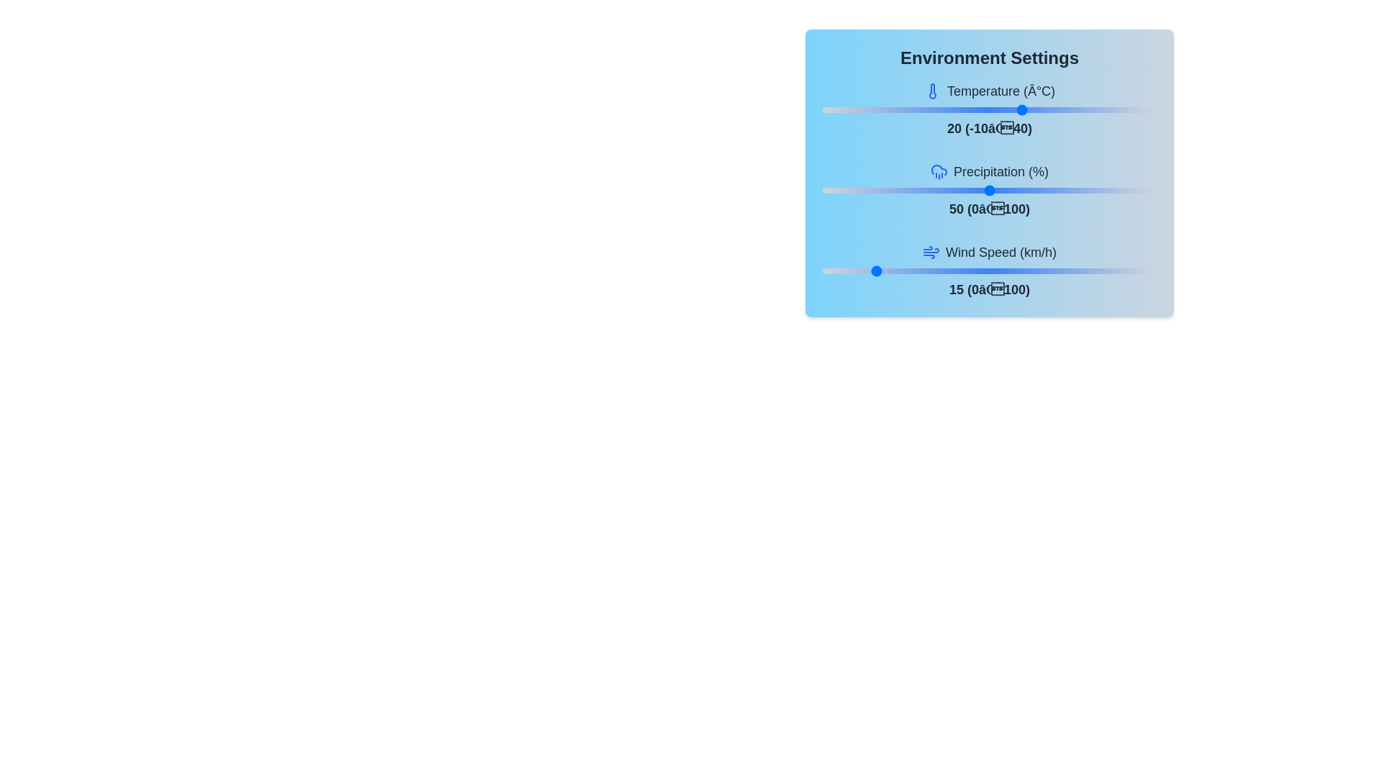  I want to click on the precipitation, so click(912, 190).